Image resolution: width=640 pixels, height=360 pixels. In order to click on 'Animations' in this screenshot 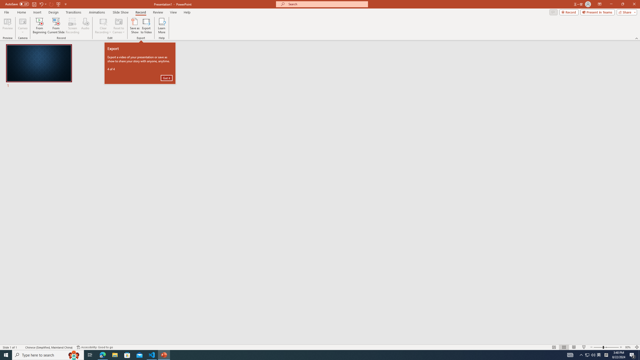, I will do `click(97, 12)`.